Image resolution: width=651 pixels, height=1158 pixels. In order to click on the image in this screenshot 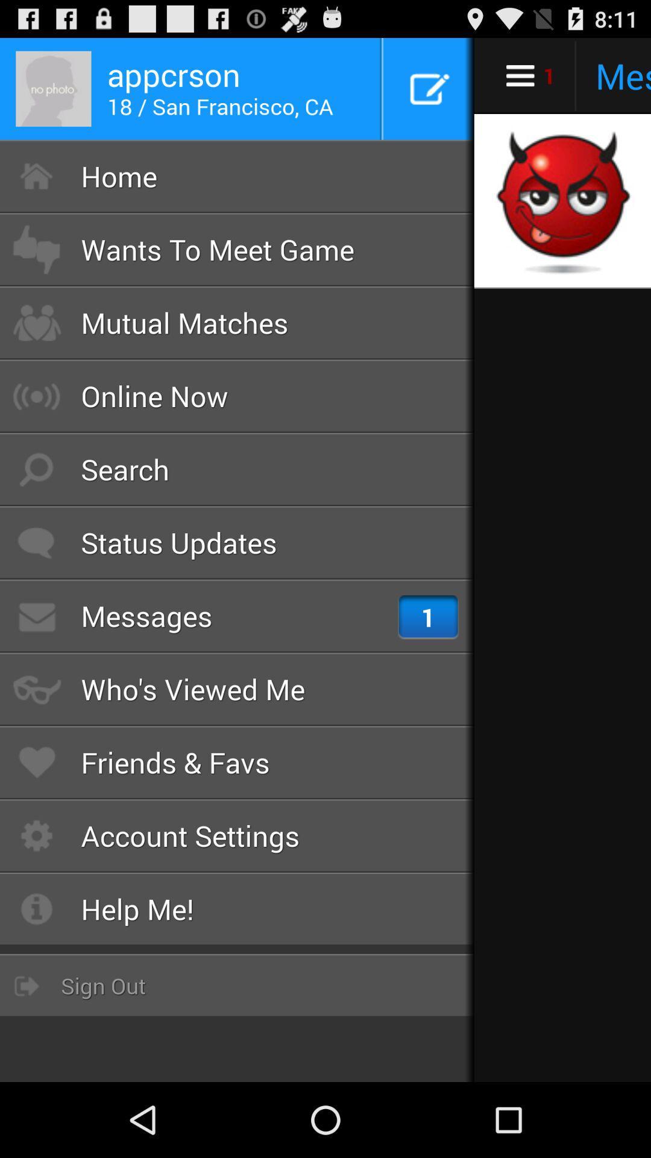, I will do `click(561, 201)`.